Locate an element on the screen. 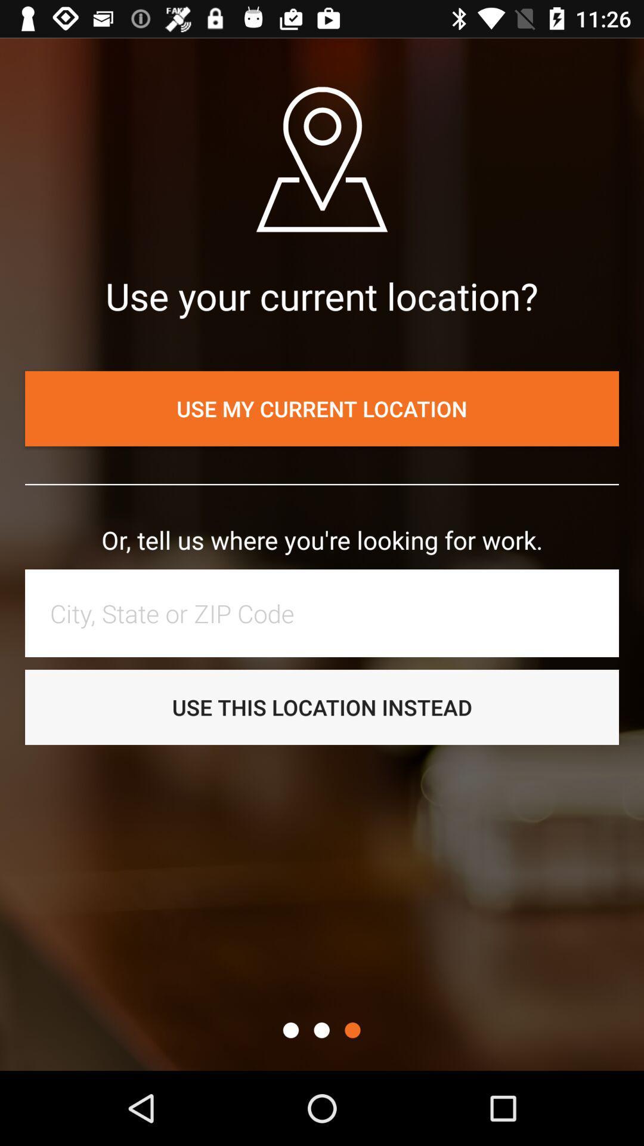  the icon below or tell us item is located at coordinates (328, 613).